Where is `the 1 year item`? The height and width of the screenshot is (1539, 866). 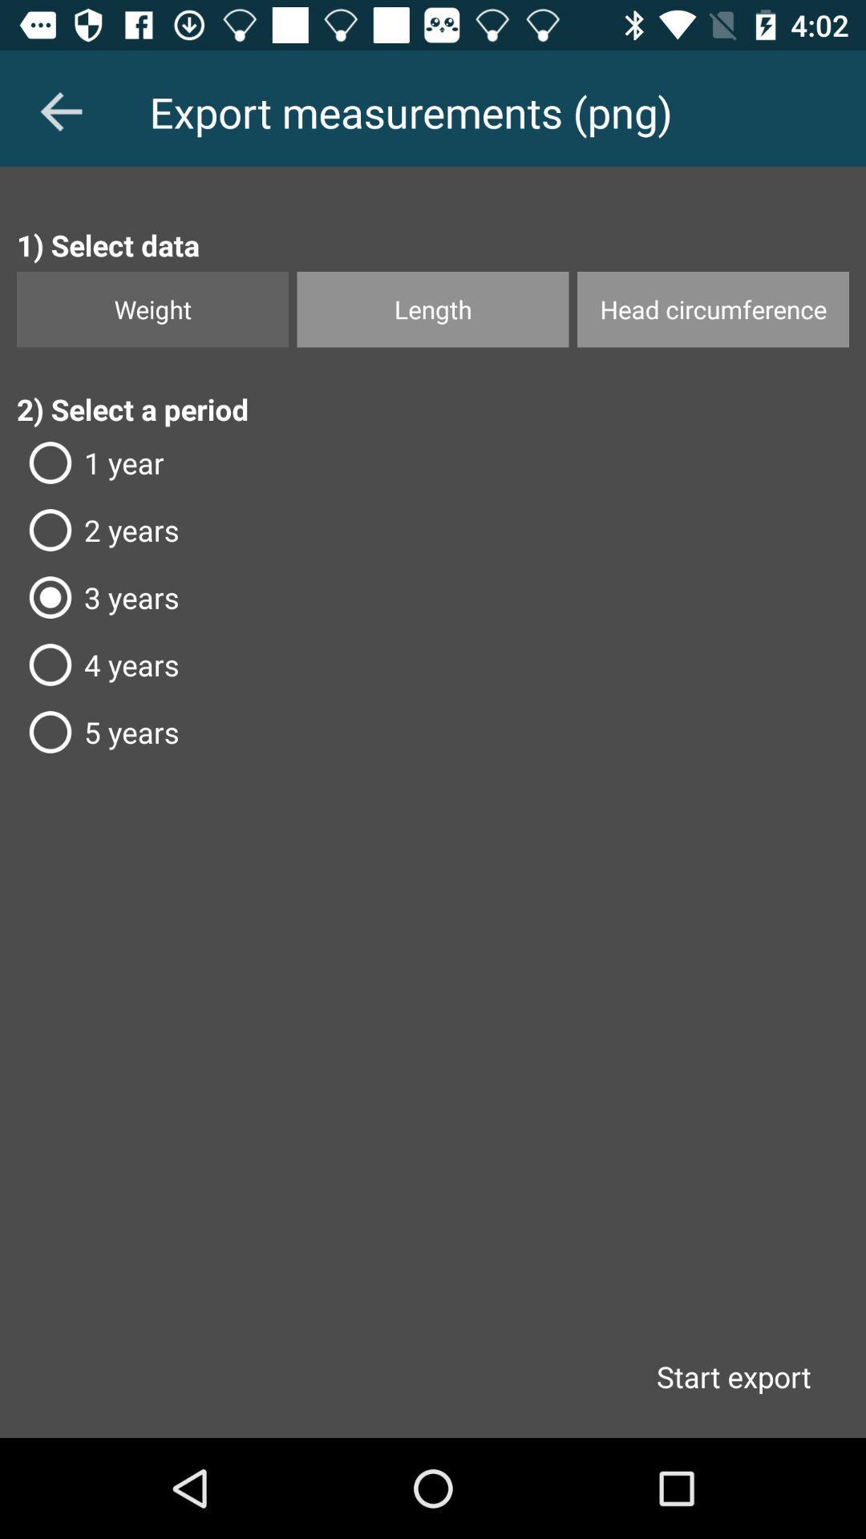 the 1 year item is located at coordinates (433, 462).